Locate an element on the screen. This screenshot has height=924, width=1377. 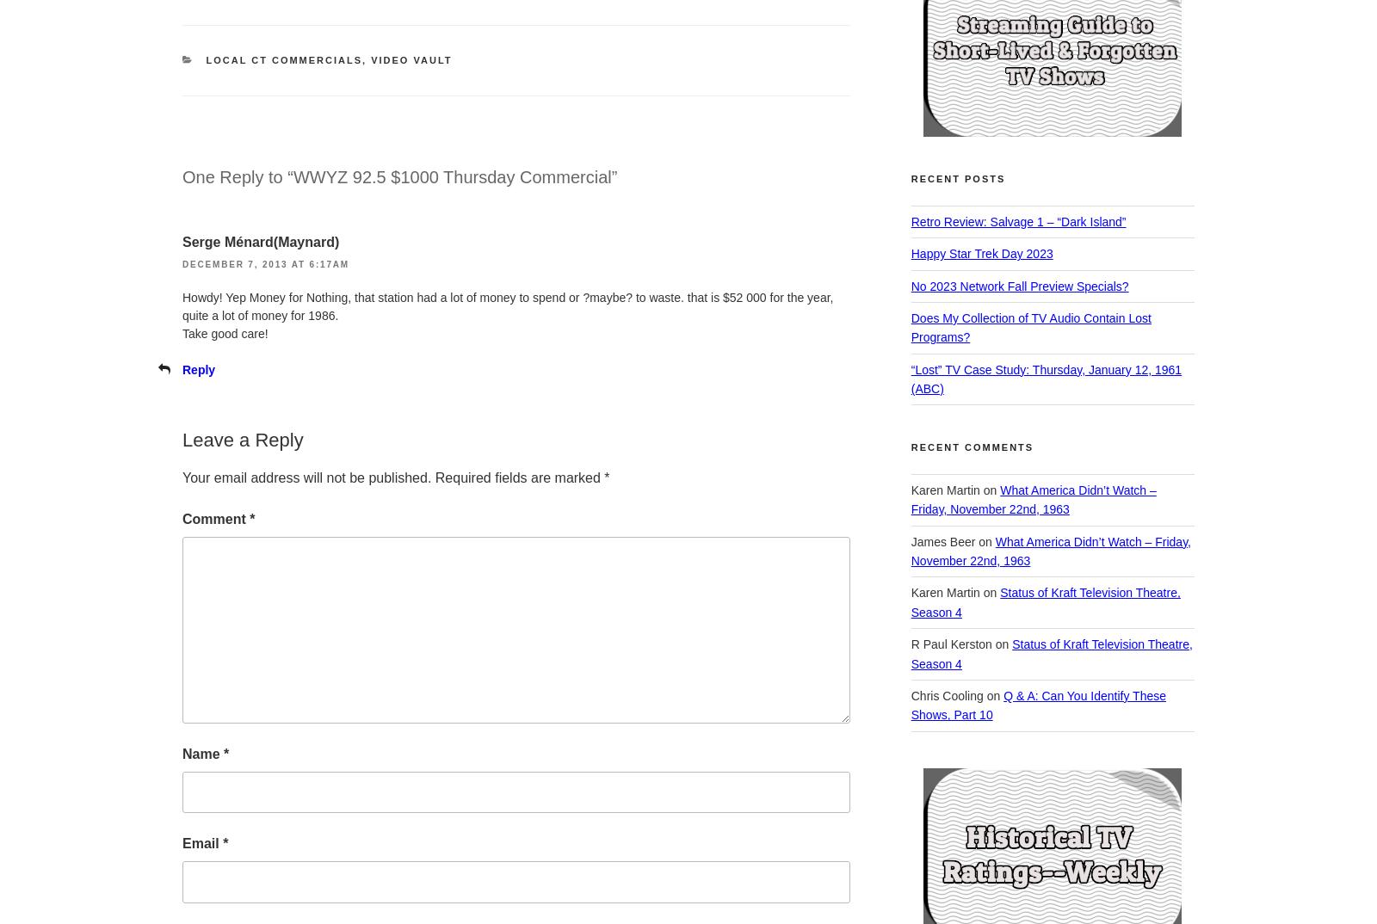
'R Paul Kerston' is located at coordinates (950, 644).